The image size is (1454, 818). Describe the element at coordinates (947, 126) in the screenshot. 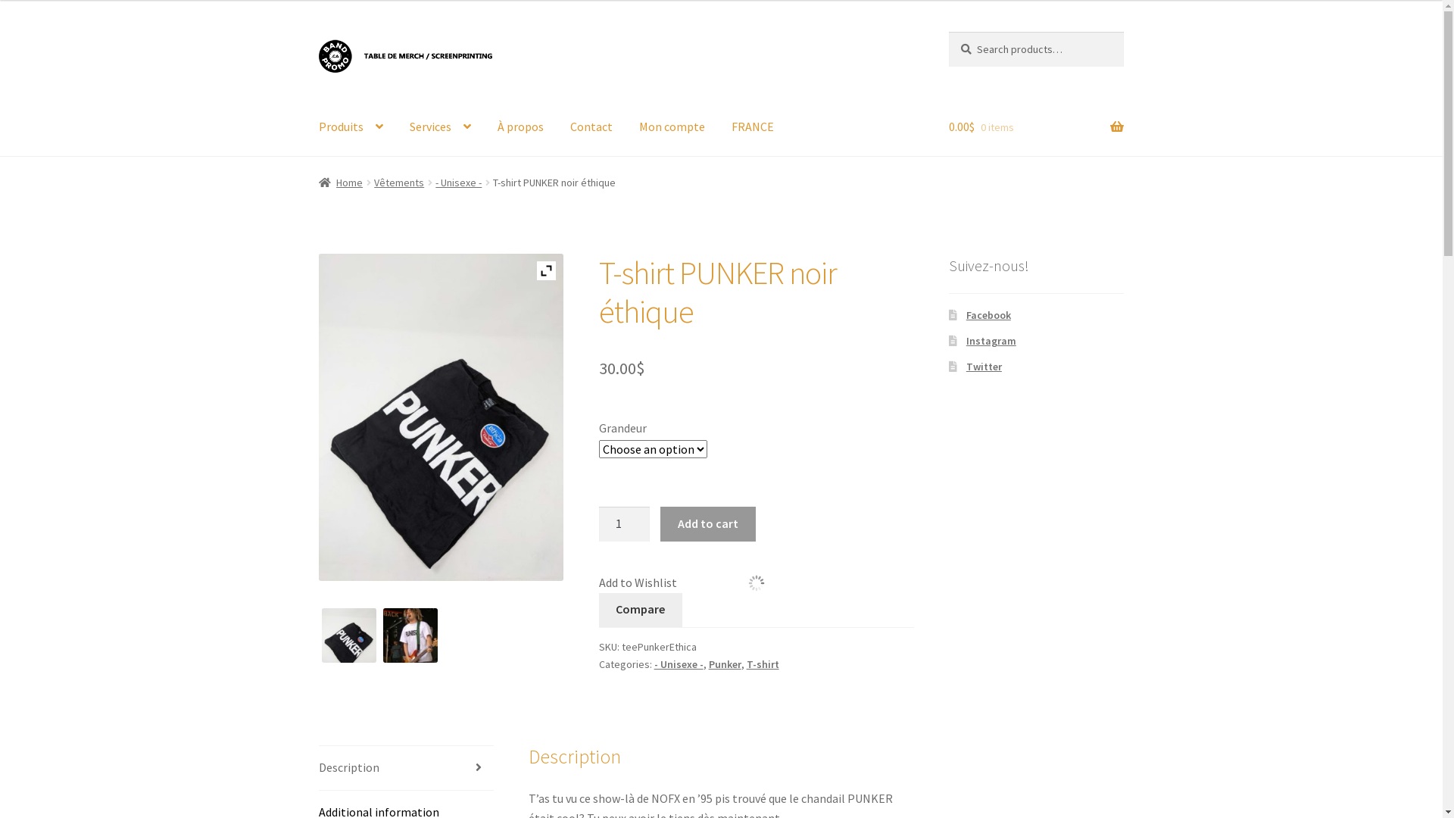

I see `'0.00$ 0 items'` at that location.